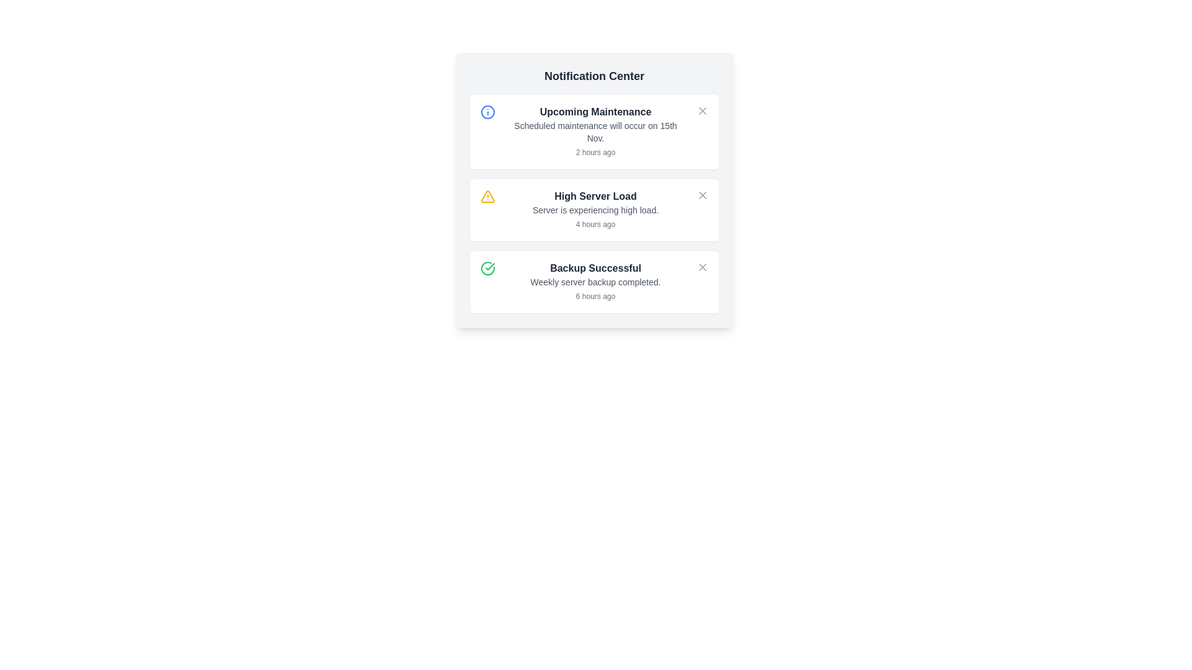  Describe the element at coordinates (595, 112) in the screenshot. I see `the 'Upcoming Maintenance' label, which is prominently displayed in bold and larger font near the top of the first notification card in the Notification Center` at that location.